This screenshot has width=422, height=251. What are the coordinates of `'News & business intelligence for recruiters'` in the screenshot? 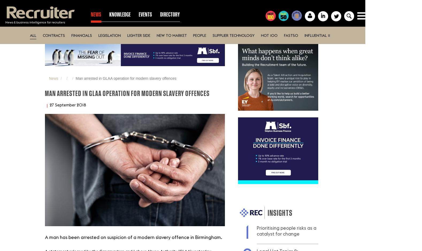 It's located at (35, 22).